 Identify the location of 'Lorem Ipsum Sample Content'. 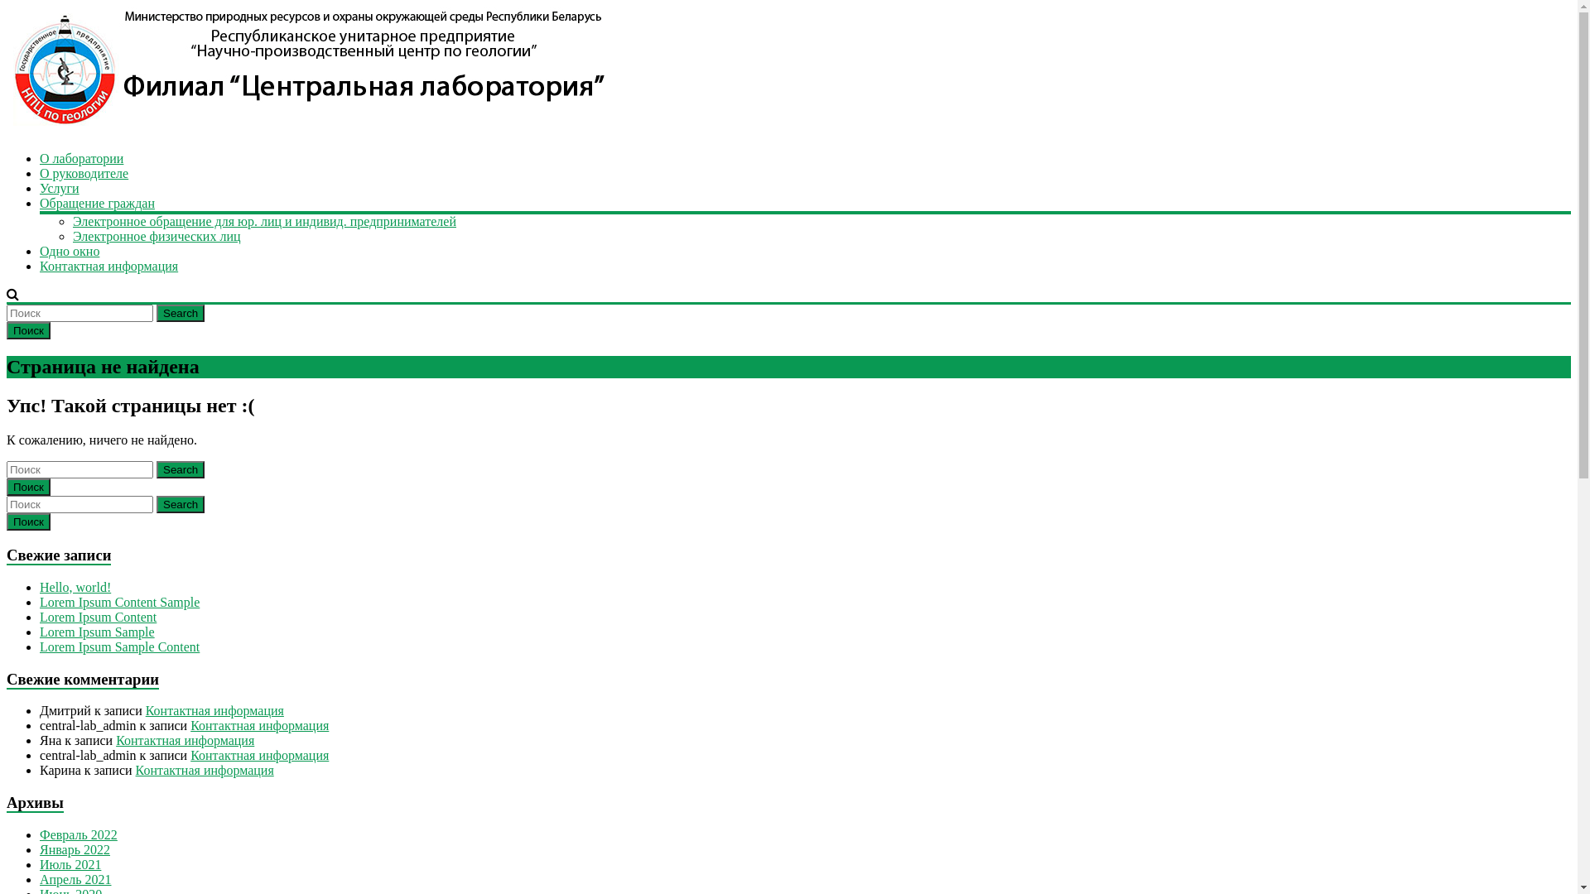
(118, 646).